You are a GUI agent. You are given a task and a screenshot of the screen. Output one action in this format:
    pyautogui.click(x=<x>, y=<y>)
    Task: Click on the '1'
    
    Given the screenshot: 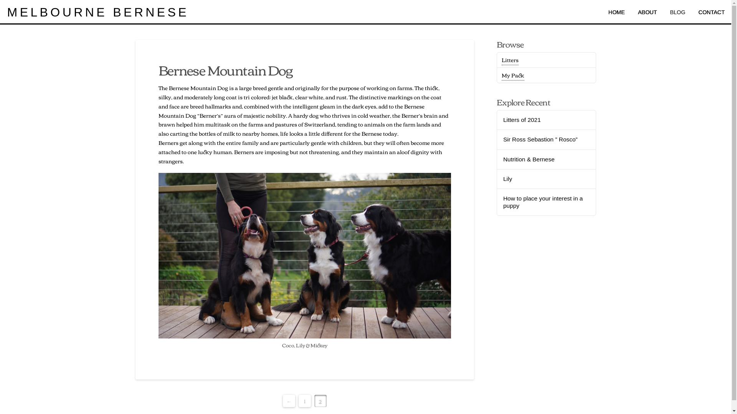 What is the action you would take?
    pyautogui.click(x=304, y=400)
    